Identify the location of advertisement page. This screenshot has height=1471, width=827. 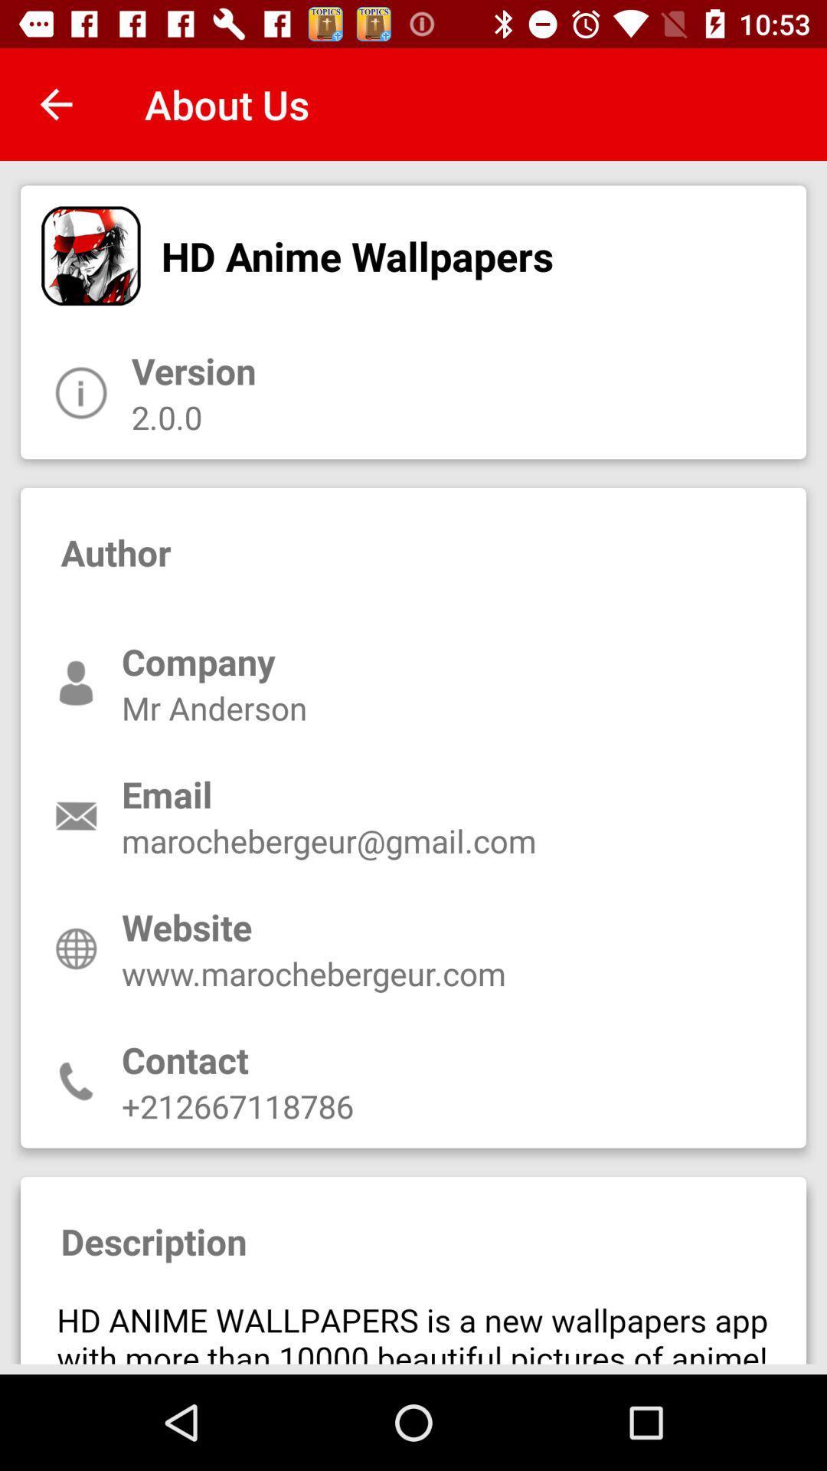
(413, 1324).